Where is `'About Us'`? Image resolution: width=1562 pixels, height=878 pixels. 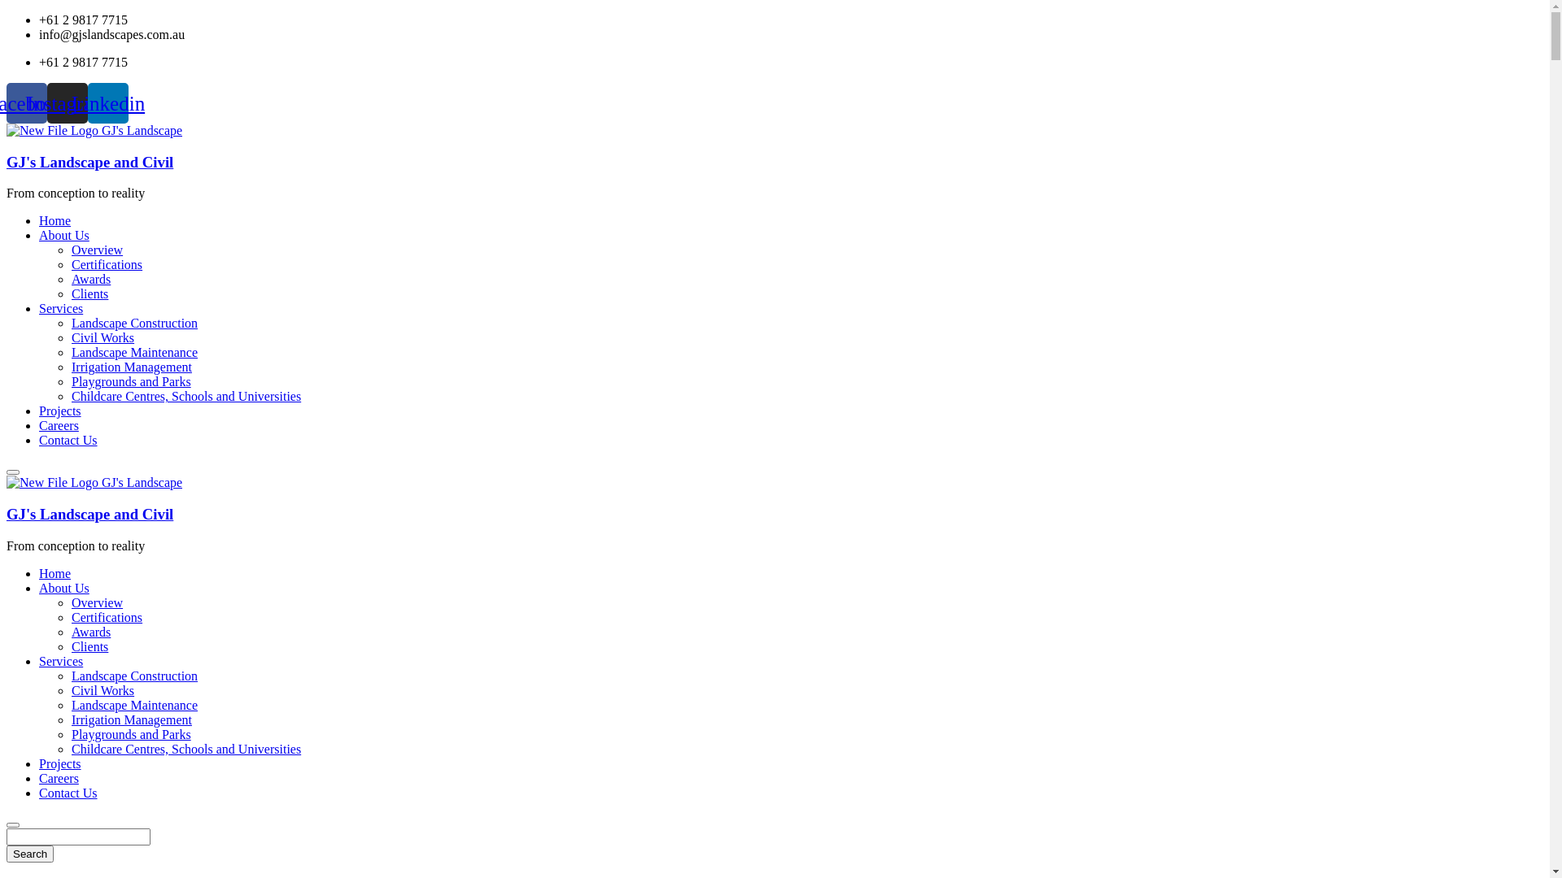
'About Us' is located at coordinates (63, 588).